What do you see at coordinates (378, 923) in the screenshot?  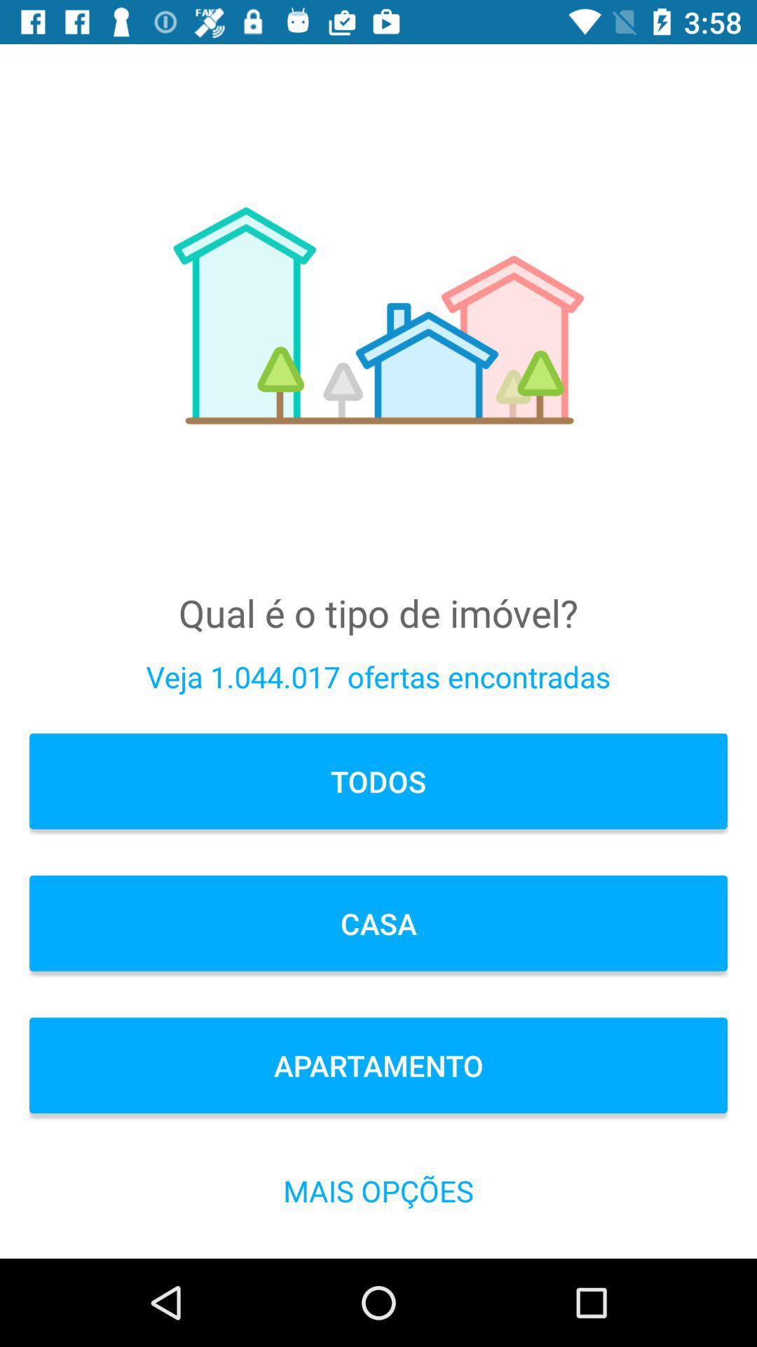 I see `icon above apartamento` at bounding box center [378, 923].